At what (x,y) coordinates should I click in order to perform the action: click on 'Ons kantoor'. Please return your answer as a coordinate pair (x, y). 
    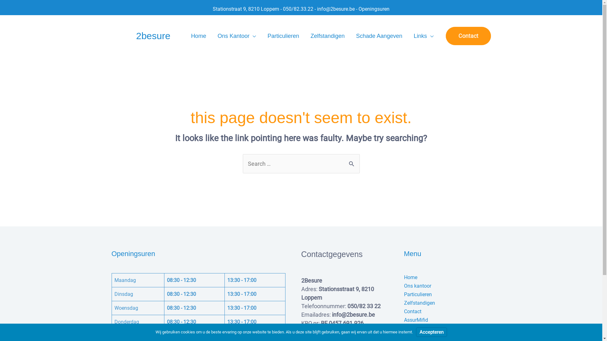
    Looking at the image, I should click on (417, 286).